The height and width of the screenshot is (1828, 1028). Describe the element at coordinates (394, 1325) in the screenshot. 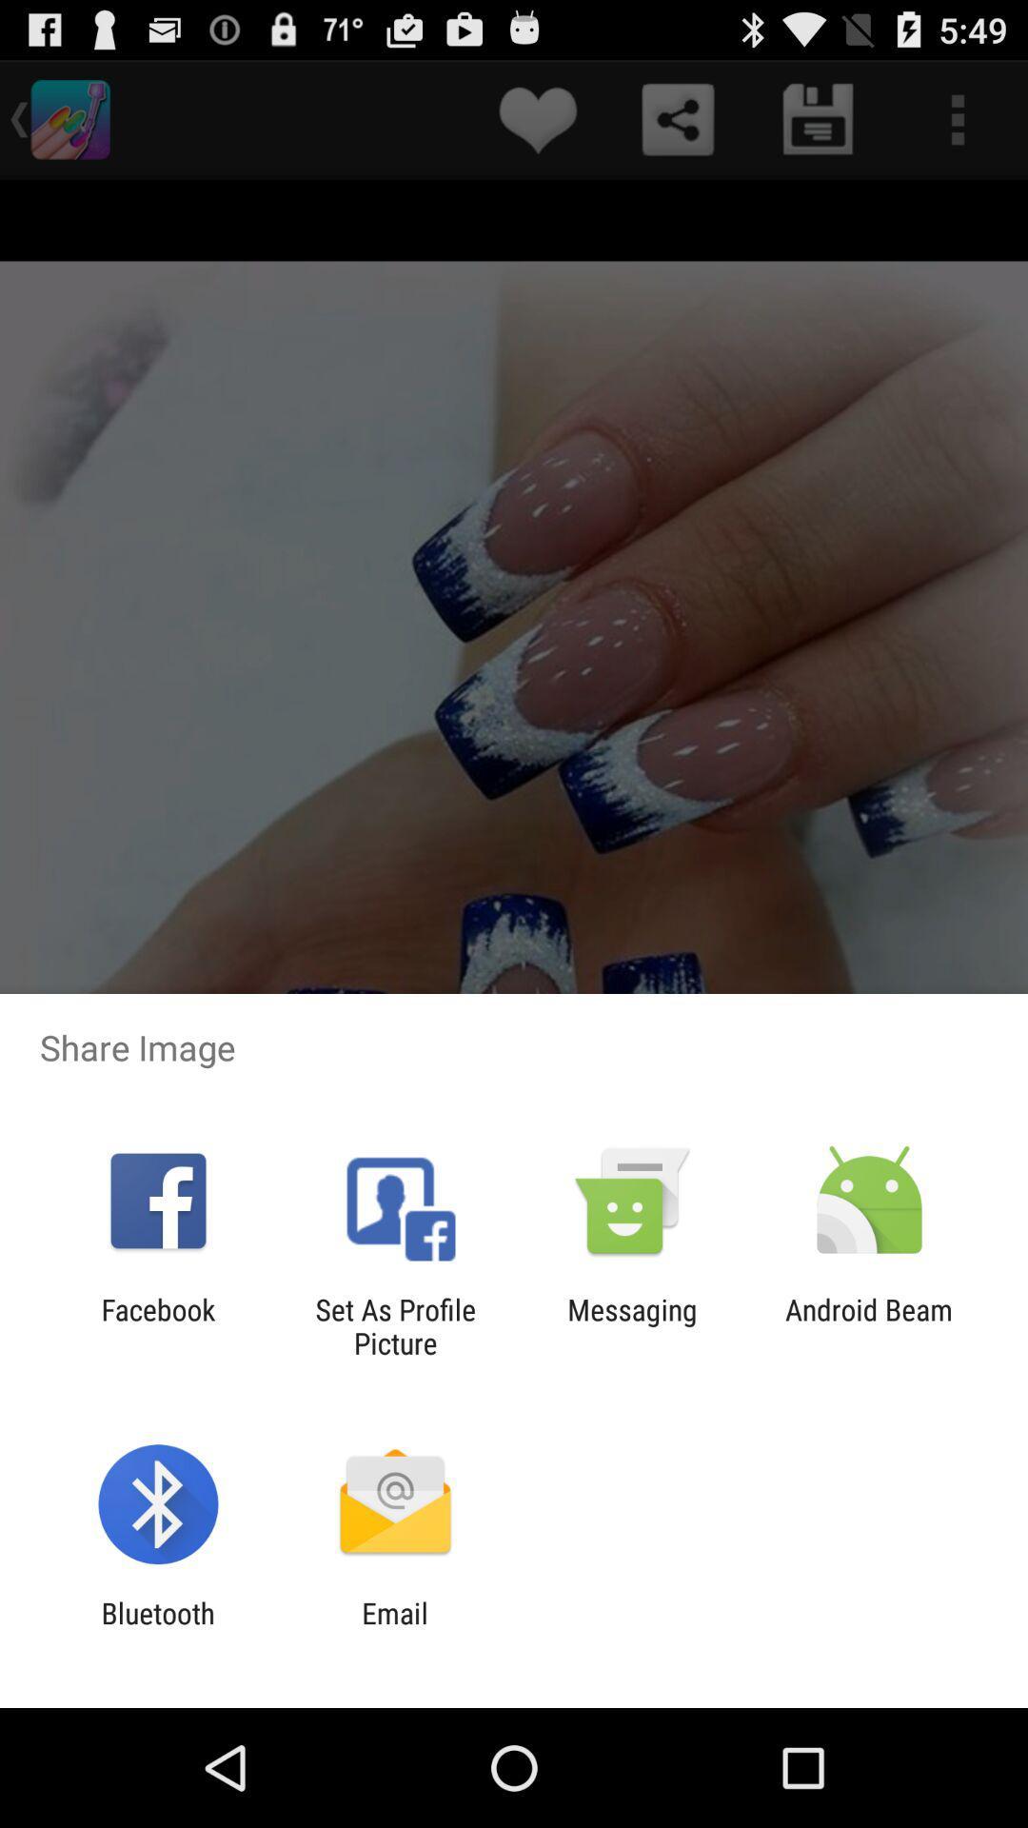

I see `set as profile app` at that location.